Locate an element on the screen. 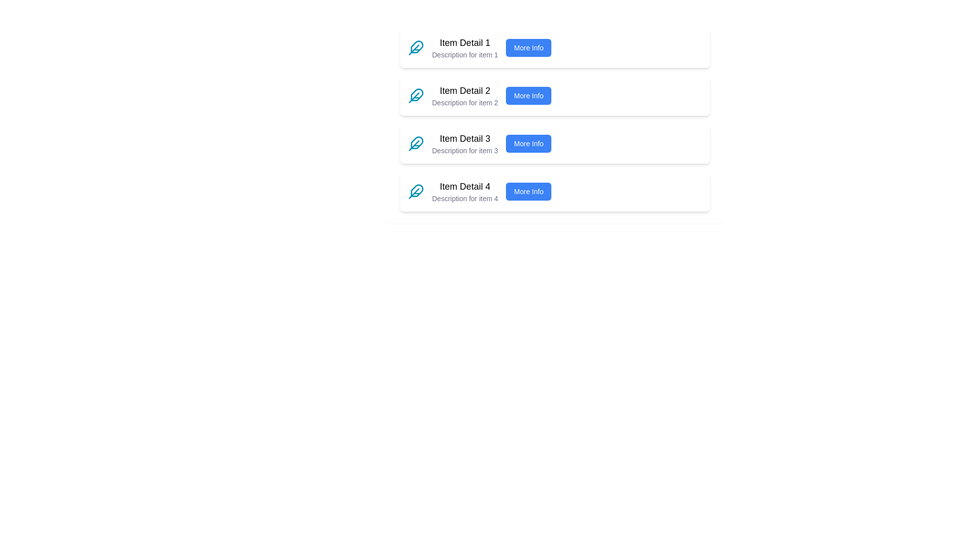 The image size is (958, 539). the text block located in the fourth card of a vertical list of cards, which provides information about the title and description of the corresponding item is located at coordinates (464, 192).